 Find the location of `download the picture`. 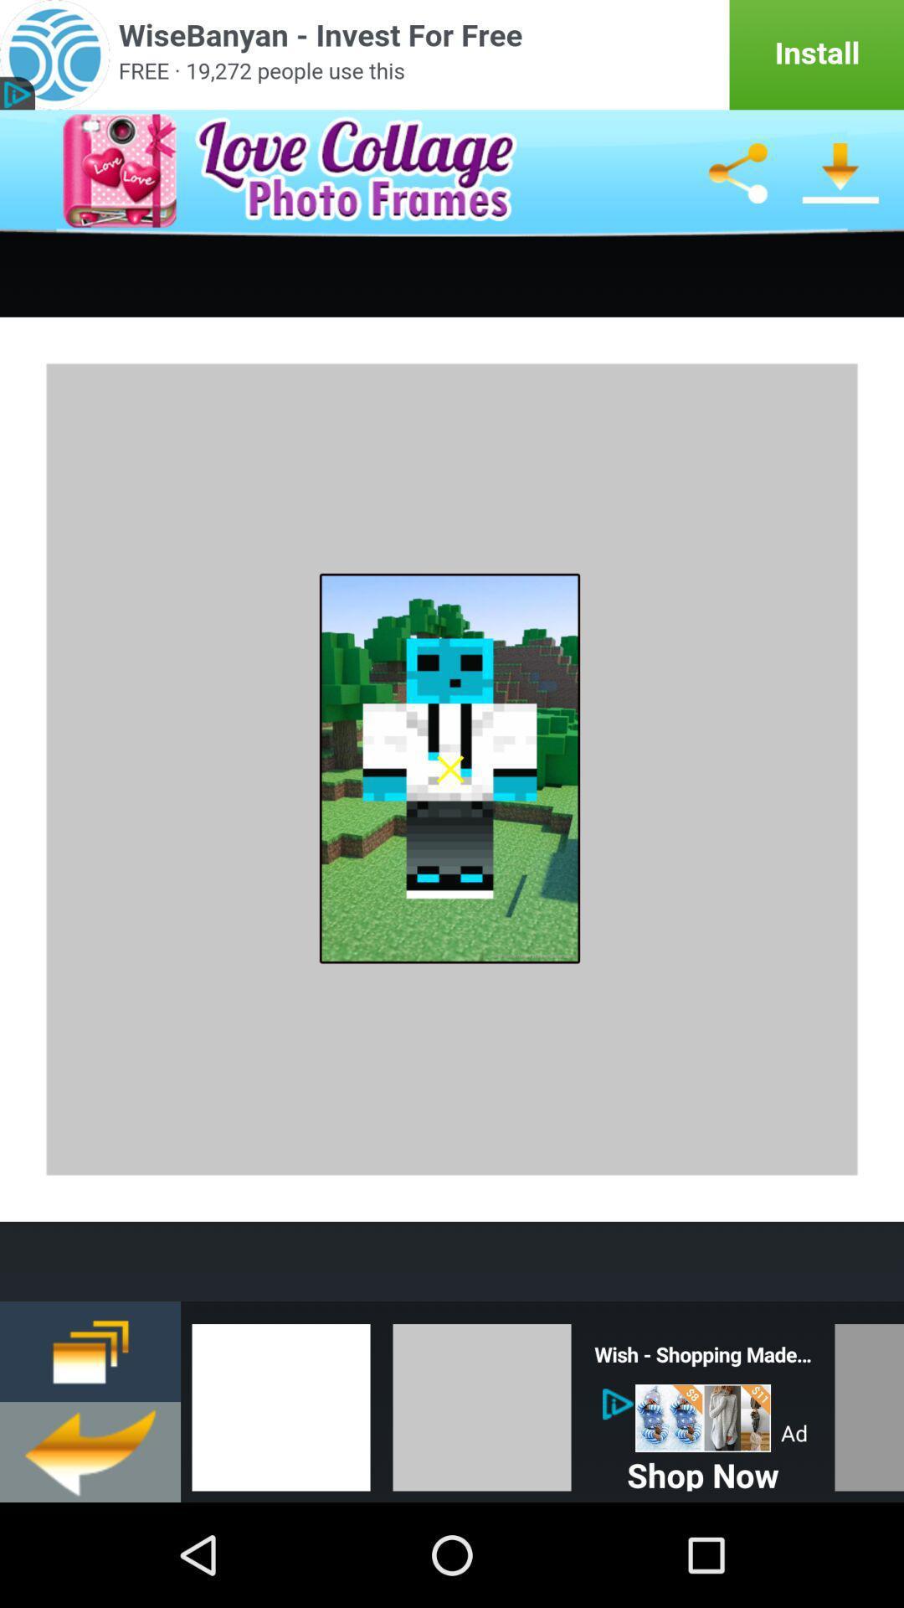

download the picture is located at coordinates (841, 173).